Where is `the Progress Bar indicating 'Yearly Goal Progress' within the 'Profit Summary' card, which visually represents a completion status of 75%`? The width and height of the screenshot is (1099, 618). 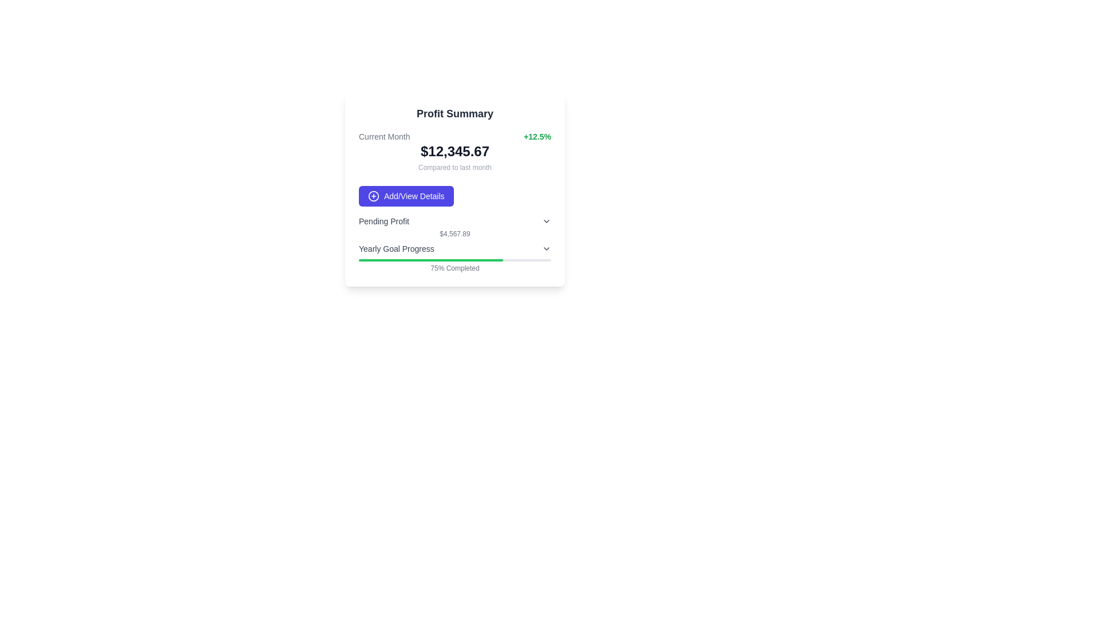
the Progress Bar indicating 'Yearly Goal Progress' within the 'Profit Summary' card, which visually represents a completion status of 75% is located at coordinates (454, 260).